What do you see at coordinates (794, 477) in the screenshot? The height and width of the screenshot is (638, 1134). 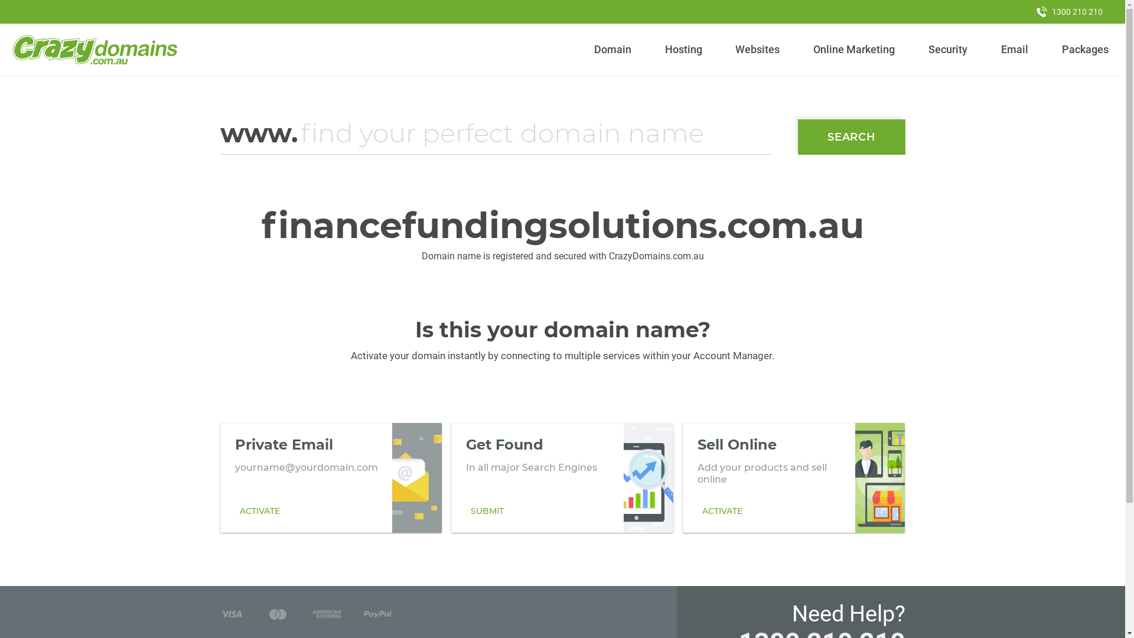 I see `'Sell Online` at bounding box center [794, 477].